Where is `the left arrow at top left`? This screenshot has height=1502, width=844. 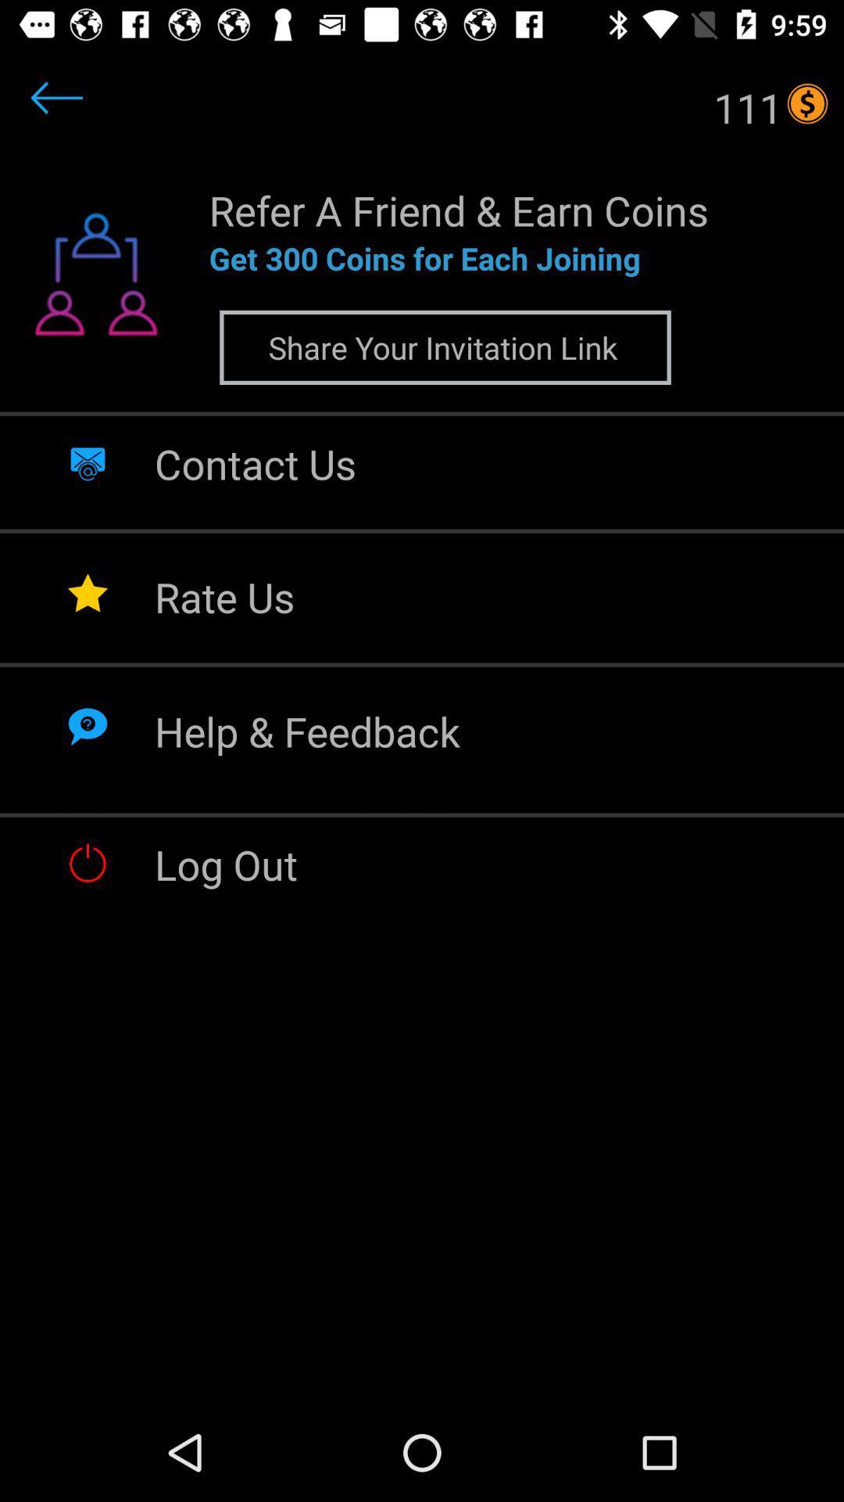
the left arrow at top left is located at coordinates (56, 97).